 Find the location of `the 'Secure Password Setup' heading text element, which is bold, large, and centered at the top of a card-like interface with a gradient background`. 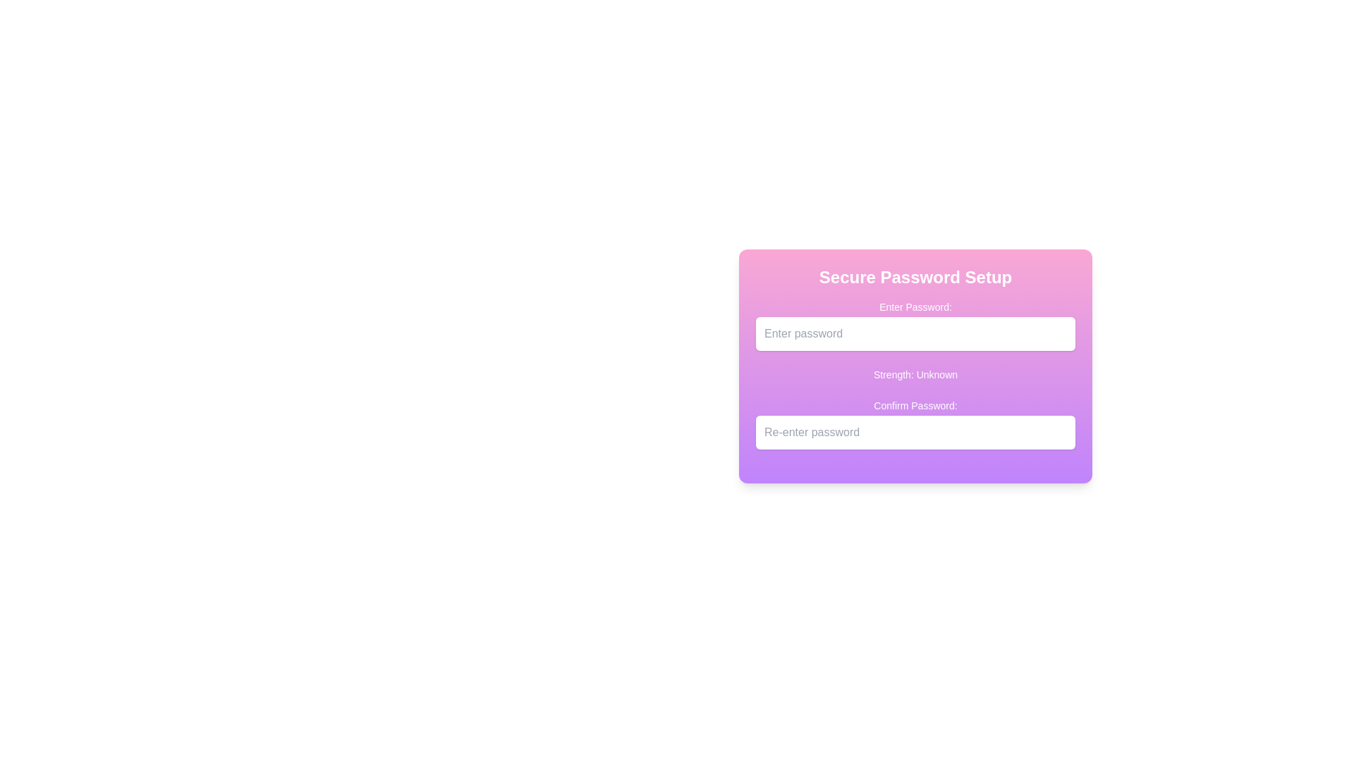

the 'Secure Password Setup' heading text element, which is bold, large, and centered at the top of a card-like interface with a gradient background is located at coordinates (915, 277).